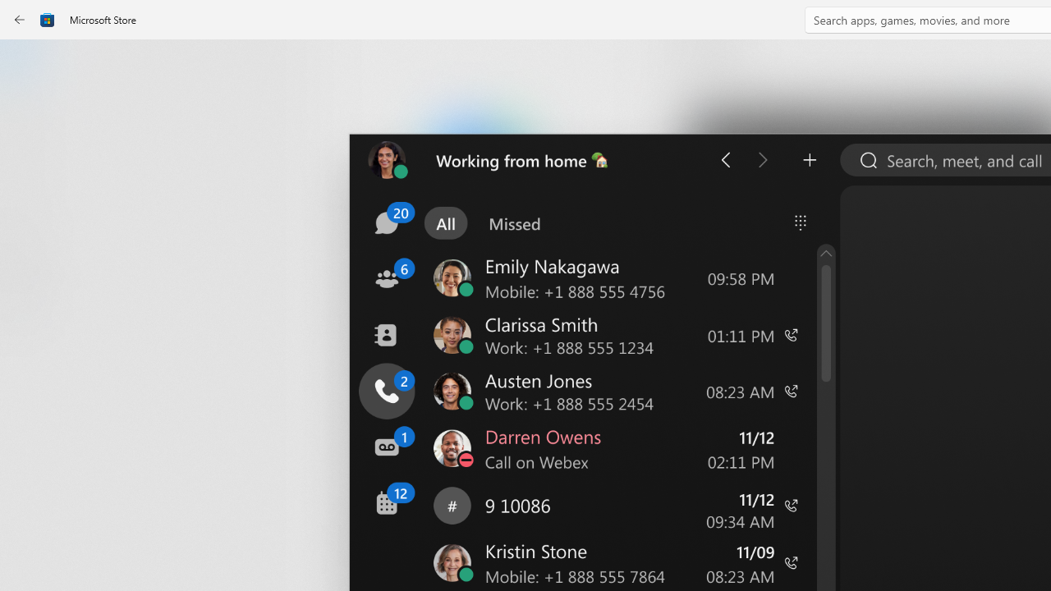  Describe the element at coordinates (29, 64) in the screenshot. I see `'Home'` at that location.